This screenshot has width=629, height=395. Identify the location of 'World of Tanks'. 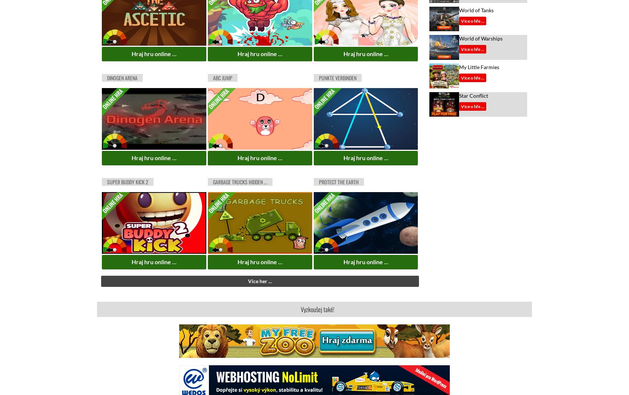
(475, 10).